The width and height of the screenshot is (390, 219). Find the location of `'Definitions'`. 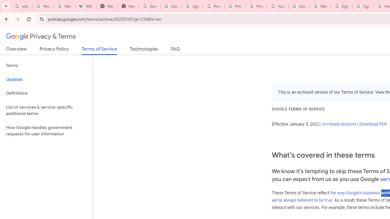

'Definitions' is located at coordinates (46, 93).